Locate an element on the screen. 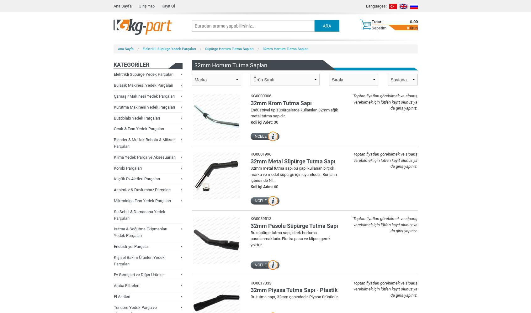  '60' is located at coordinates (273, 186).